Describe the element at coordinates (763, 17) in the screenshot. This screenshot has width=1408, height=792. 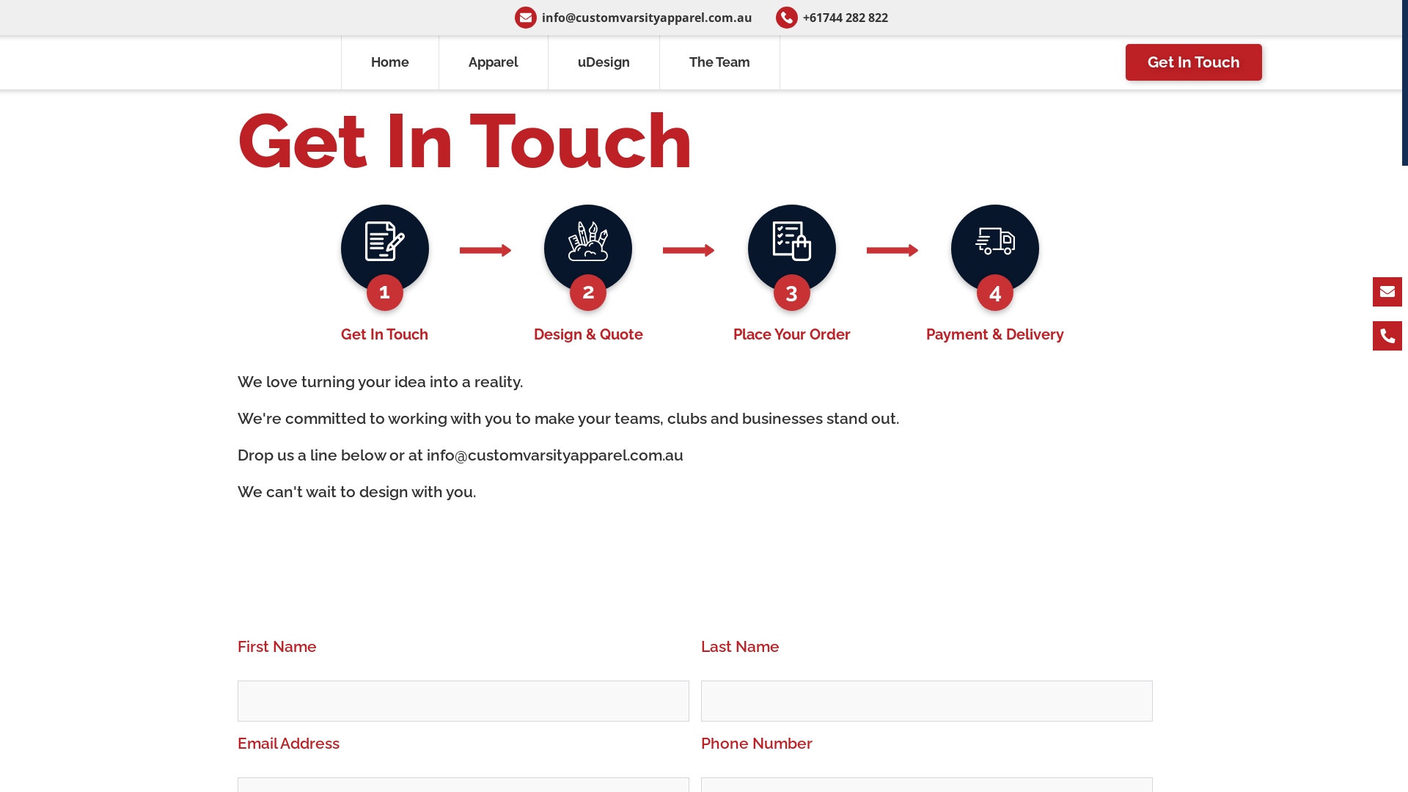
I see `'+61744 282 822'` at that location.